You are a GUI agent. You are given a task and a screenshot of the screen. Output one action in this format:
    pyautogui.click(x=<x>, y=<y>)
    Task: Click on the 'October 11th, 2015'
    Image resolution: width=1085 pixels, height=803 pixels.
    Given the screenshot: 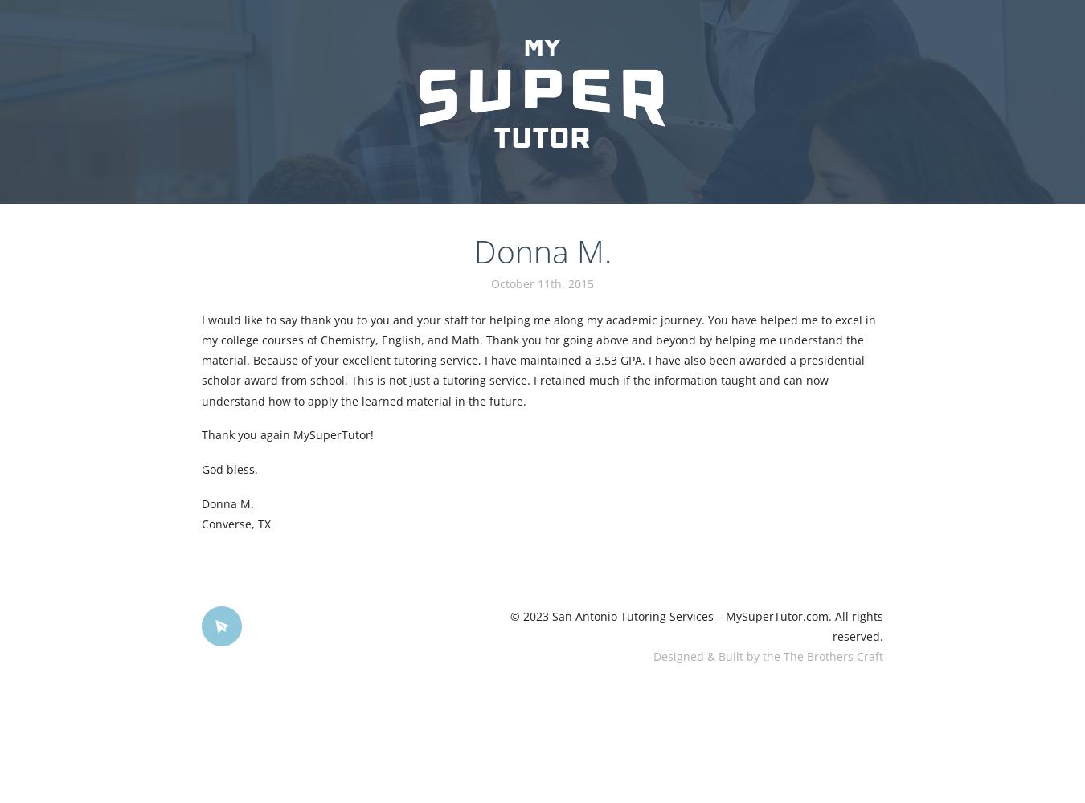 What is the action you would take?
    pyautogui.click(x=542, y=282)
    